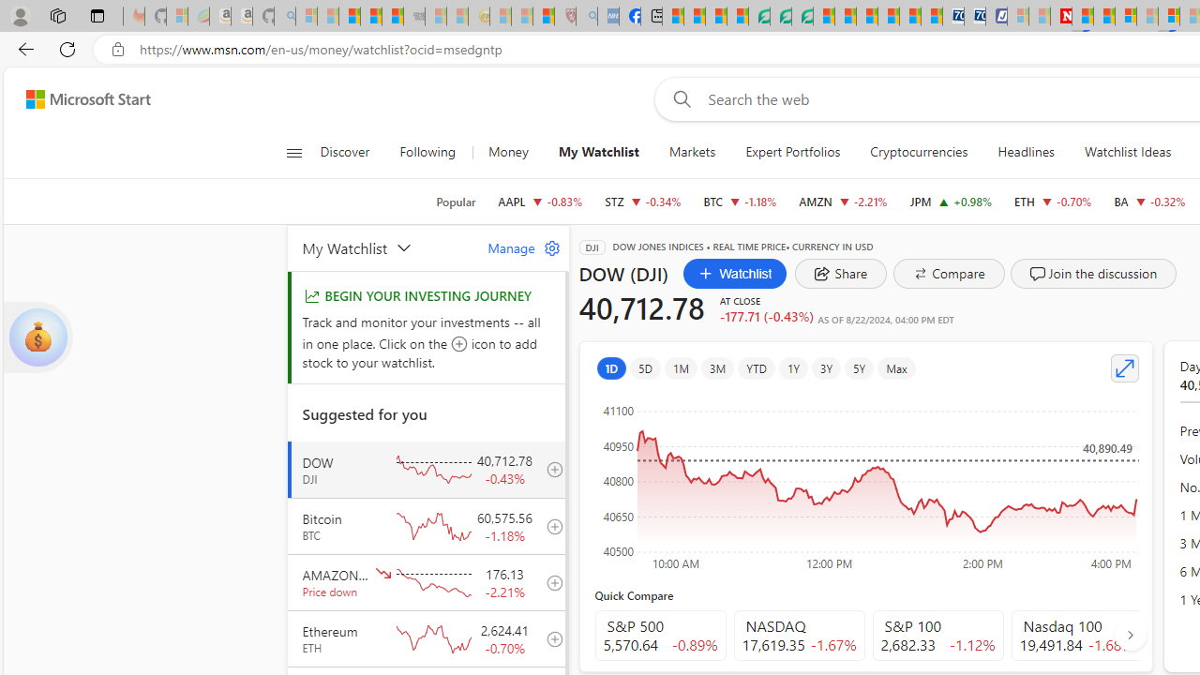  Describe the element at coordinates (645, 367) in the screenshot. I see `'5D'` at that location.